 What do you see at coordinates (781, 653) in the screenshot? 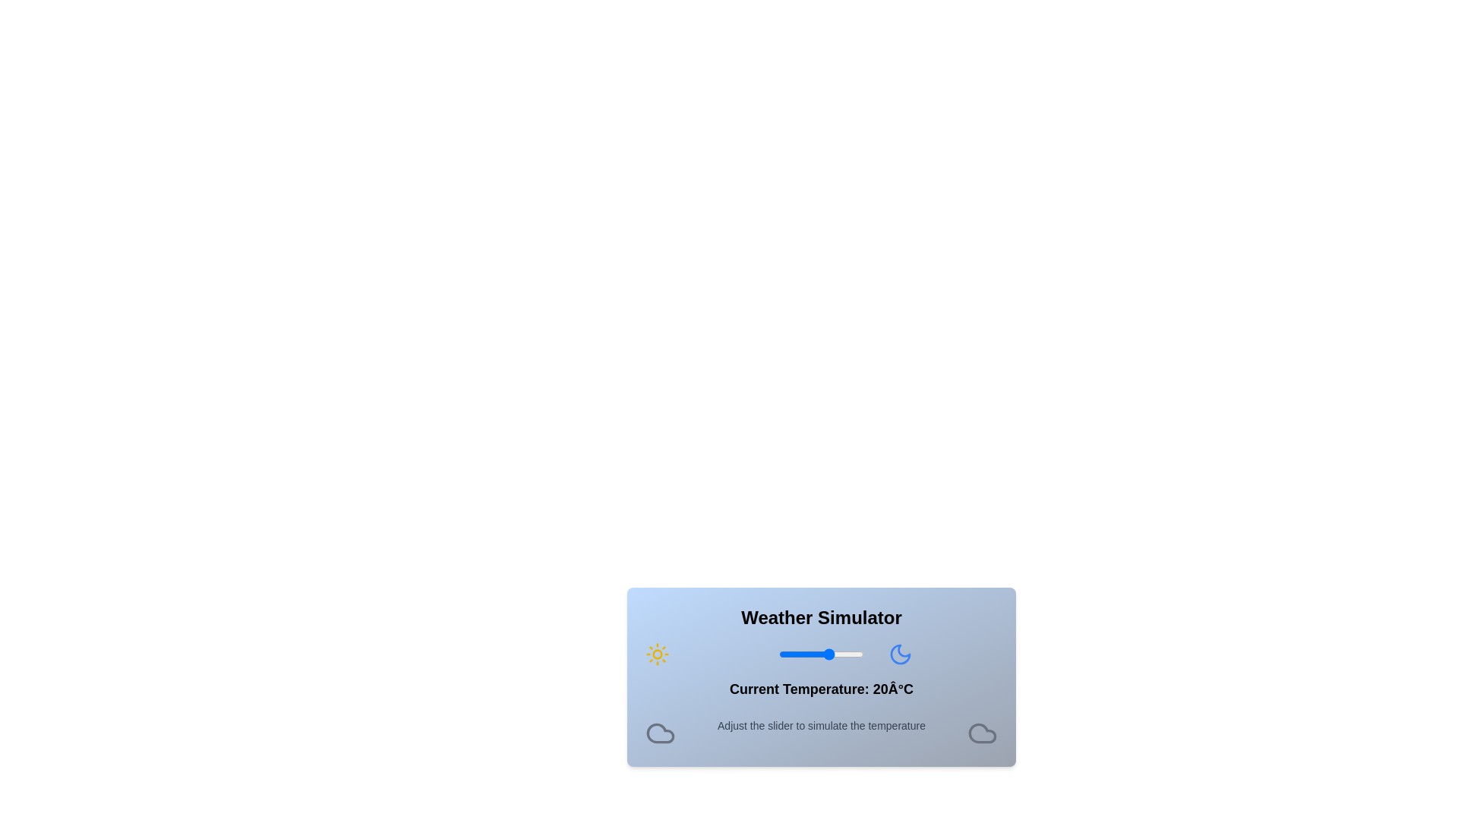
I see `the slider to set the temperature to -9°C` at bounding box center [781, 653].